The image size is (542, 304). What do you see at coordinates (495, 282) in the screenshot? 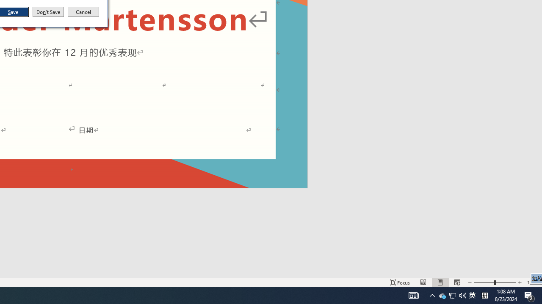
I see `'Zoom'` at bounding box center [495, 282].